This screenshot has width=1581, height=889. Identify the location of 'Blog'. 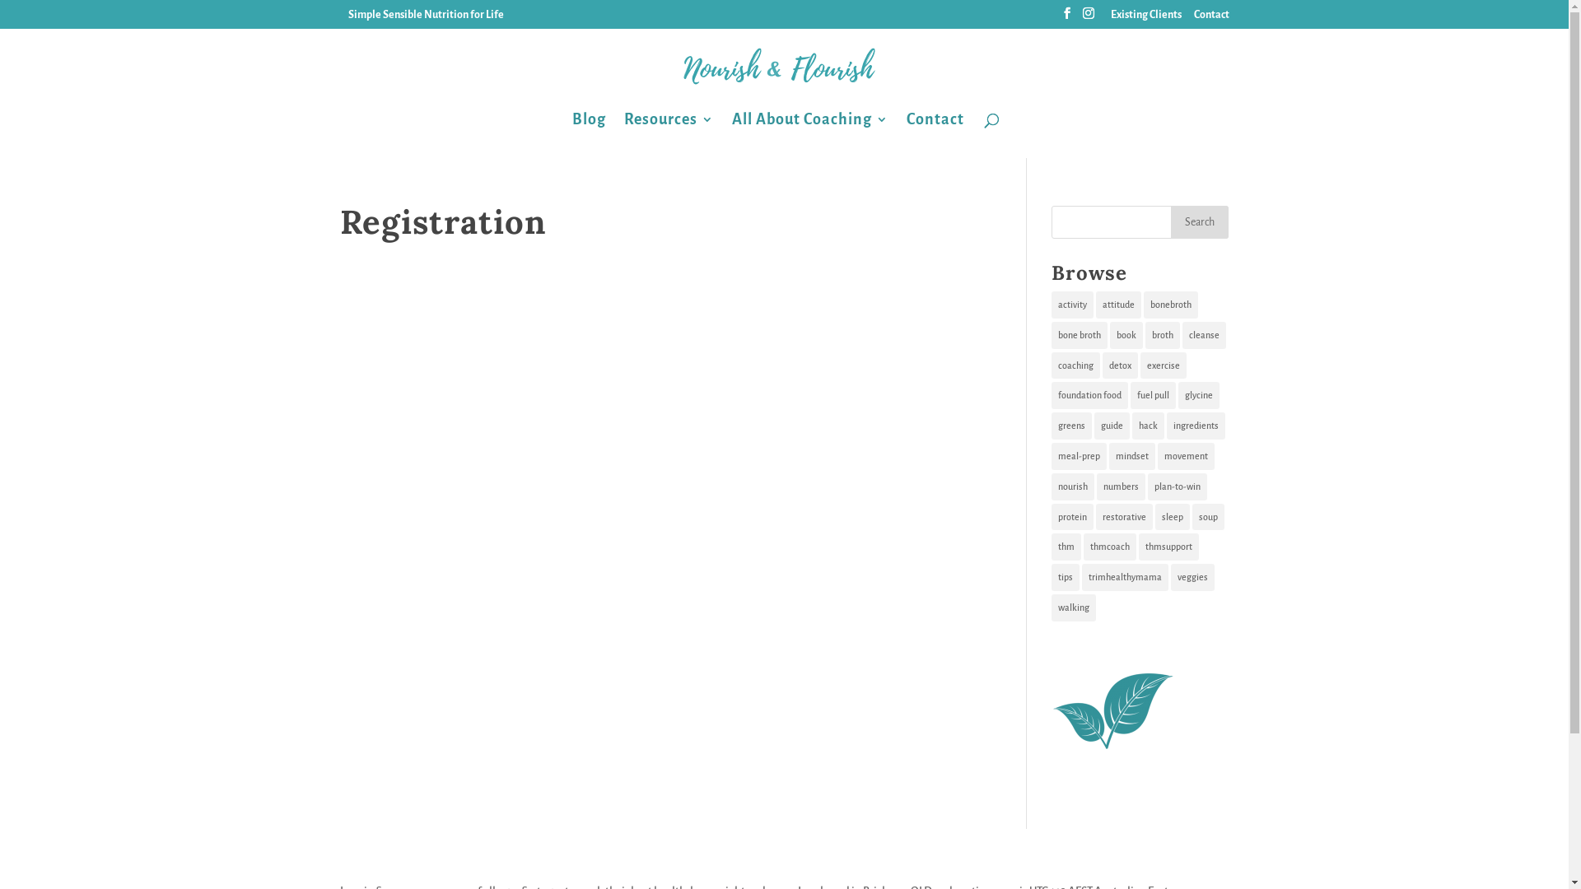
(588, 135).